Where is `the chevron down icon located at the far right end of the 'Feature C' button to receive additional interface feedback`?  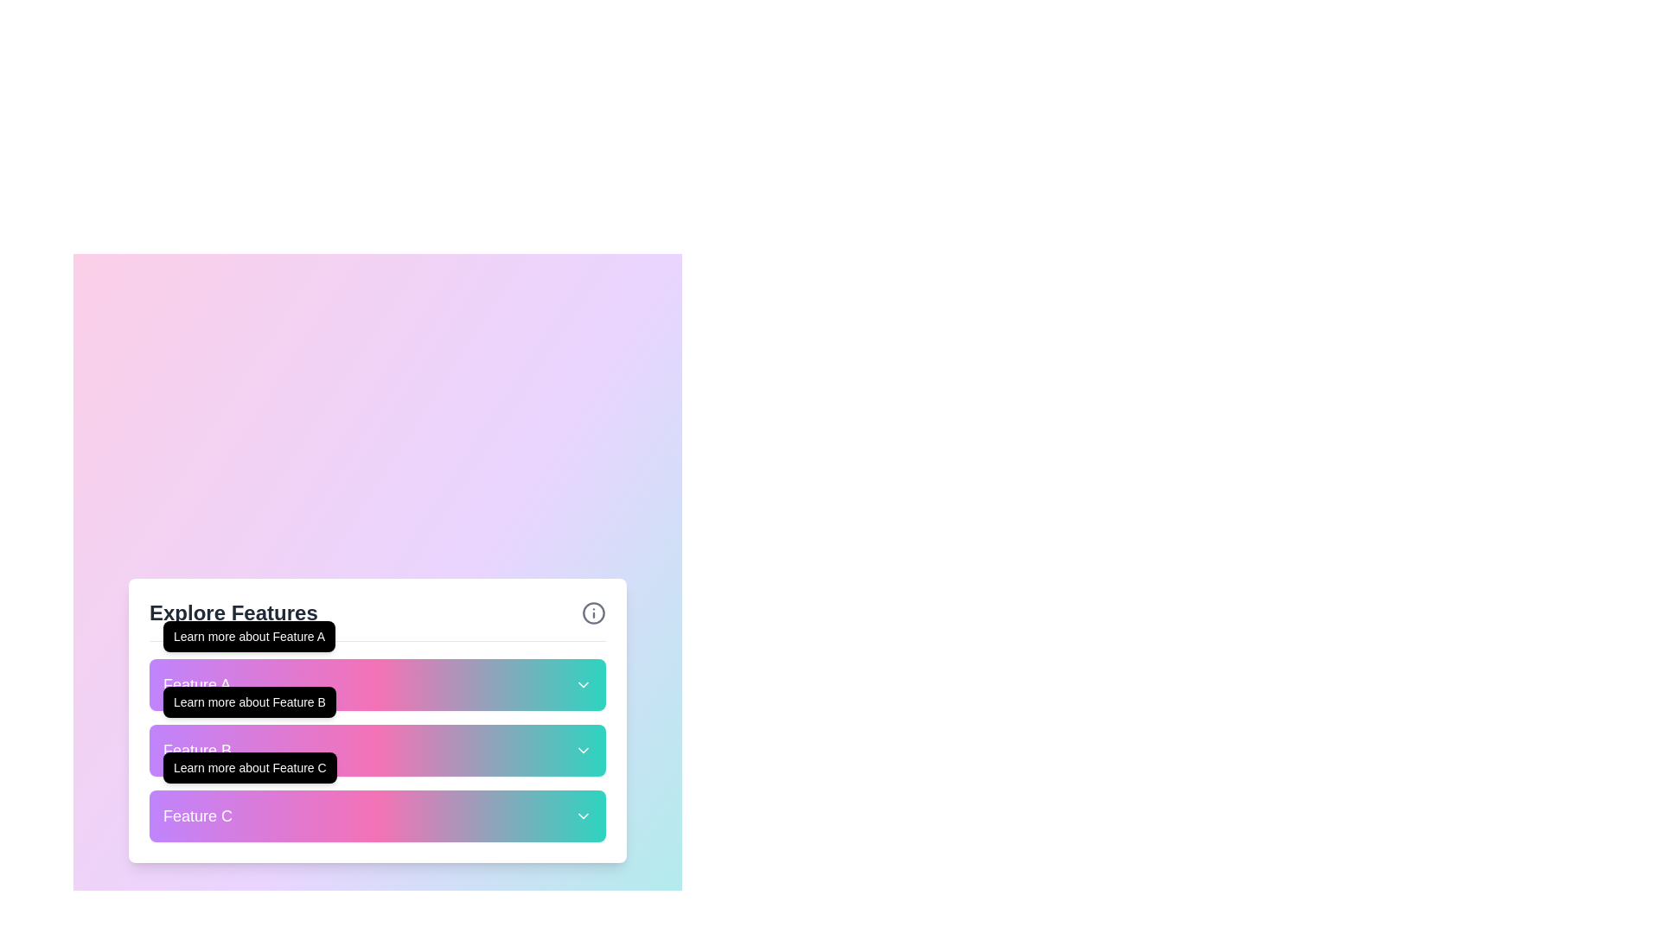 the chevron down icon located at the far right end of the 'Feature C' button to receive additional interface feedback is located at coordinates (584, 816).